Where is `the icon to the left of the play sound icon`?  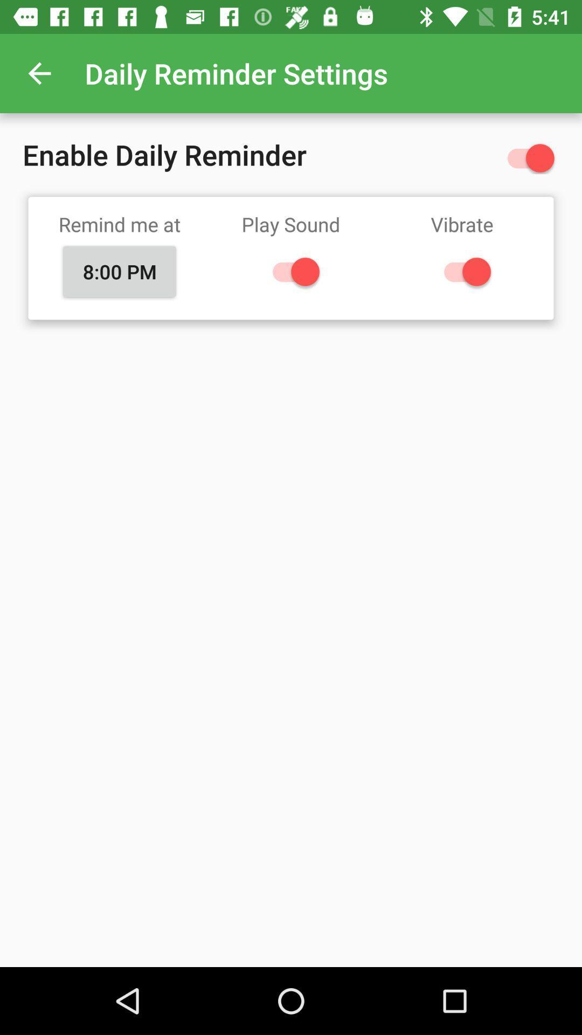 the icon to the left of the play sound icon is located at coordinates (120, 272).